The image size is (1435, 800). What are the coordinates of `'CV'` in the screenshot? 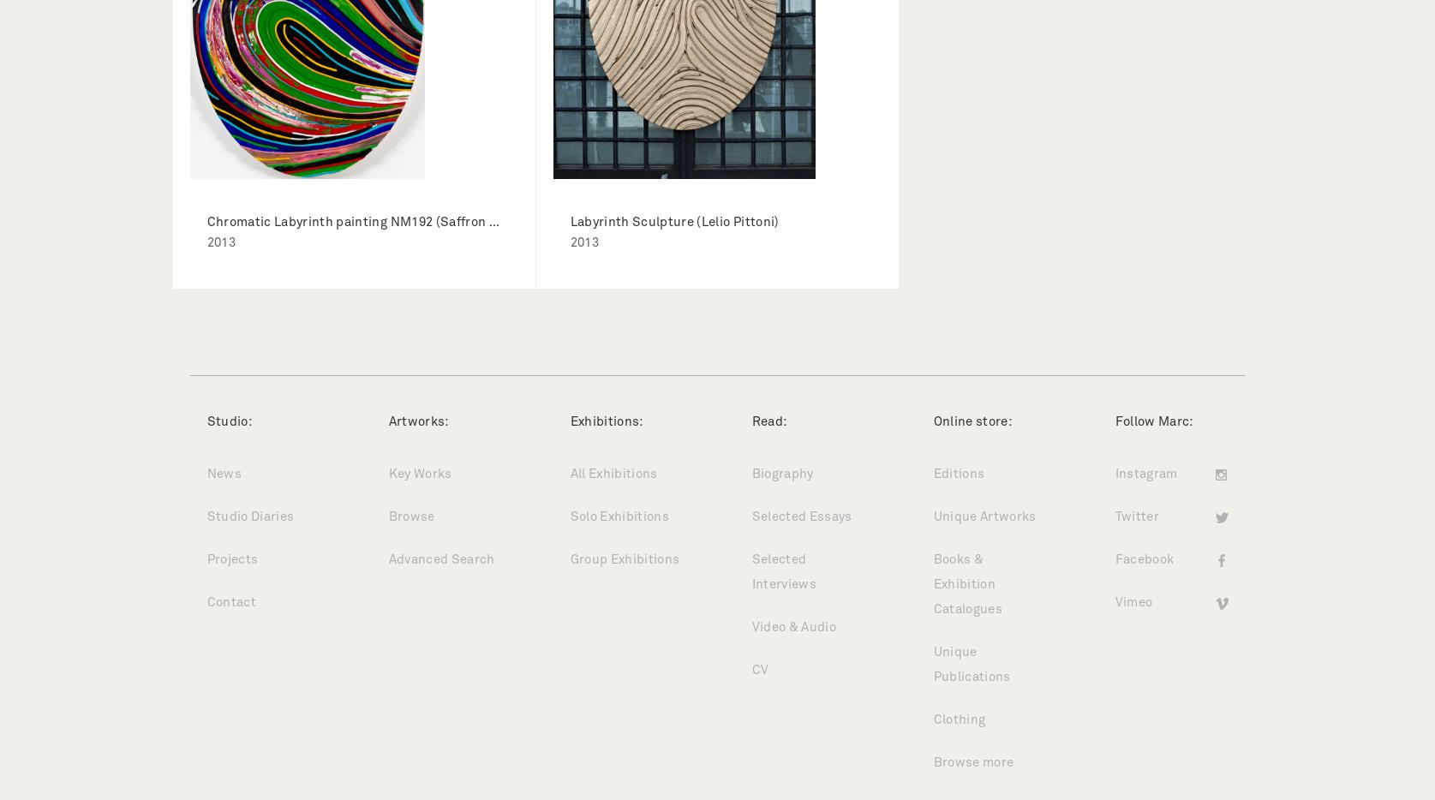 It's located at (759, 670).